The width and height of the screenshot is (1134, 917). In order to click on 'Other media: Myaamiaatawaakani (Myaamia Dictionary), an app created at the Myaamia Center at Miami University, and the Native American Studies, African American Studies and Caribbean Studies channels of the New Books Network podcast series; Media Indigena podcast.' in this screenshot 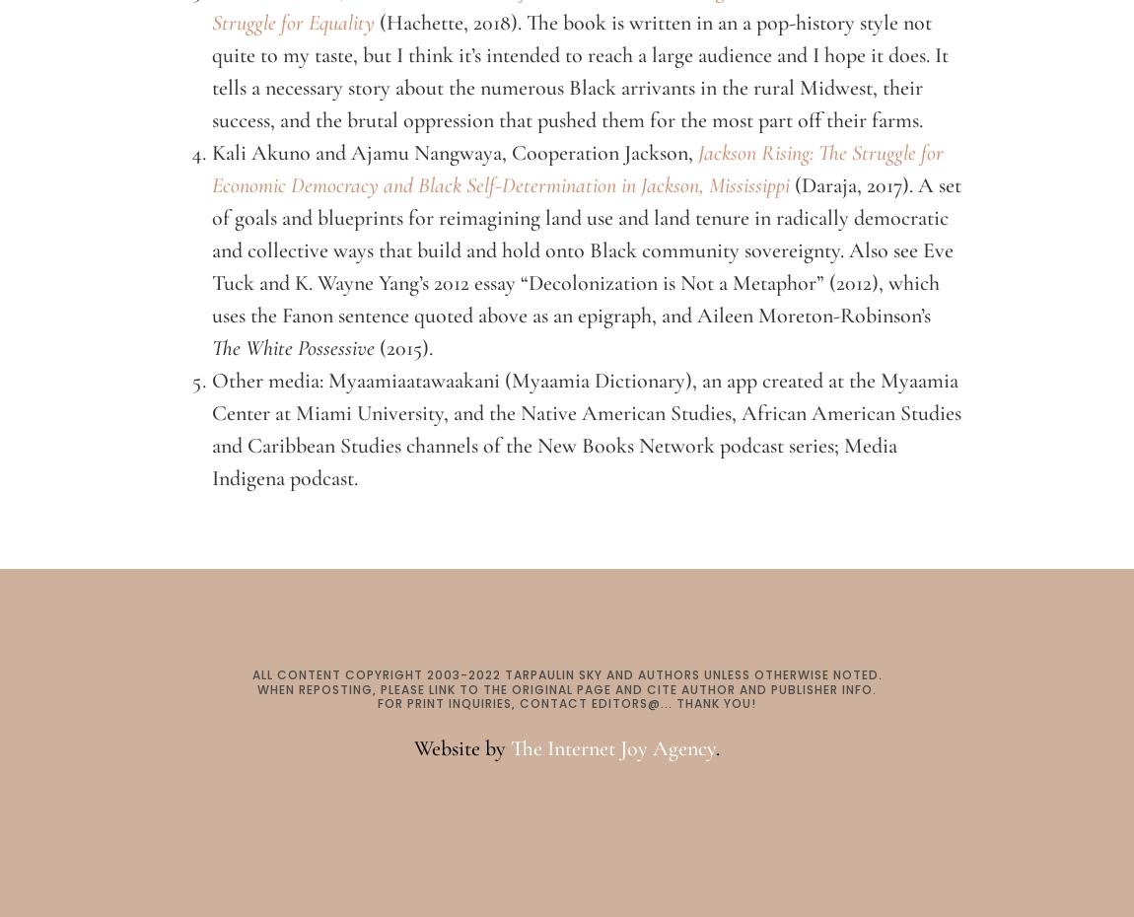, I will do `click(586, 429)`.